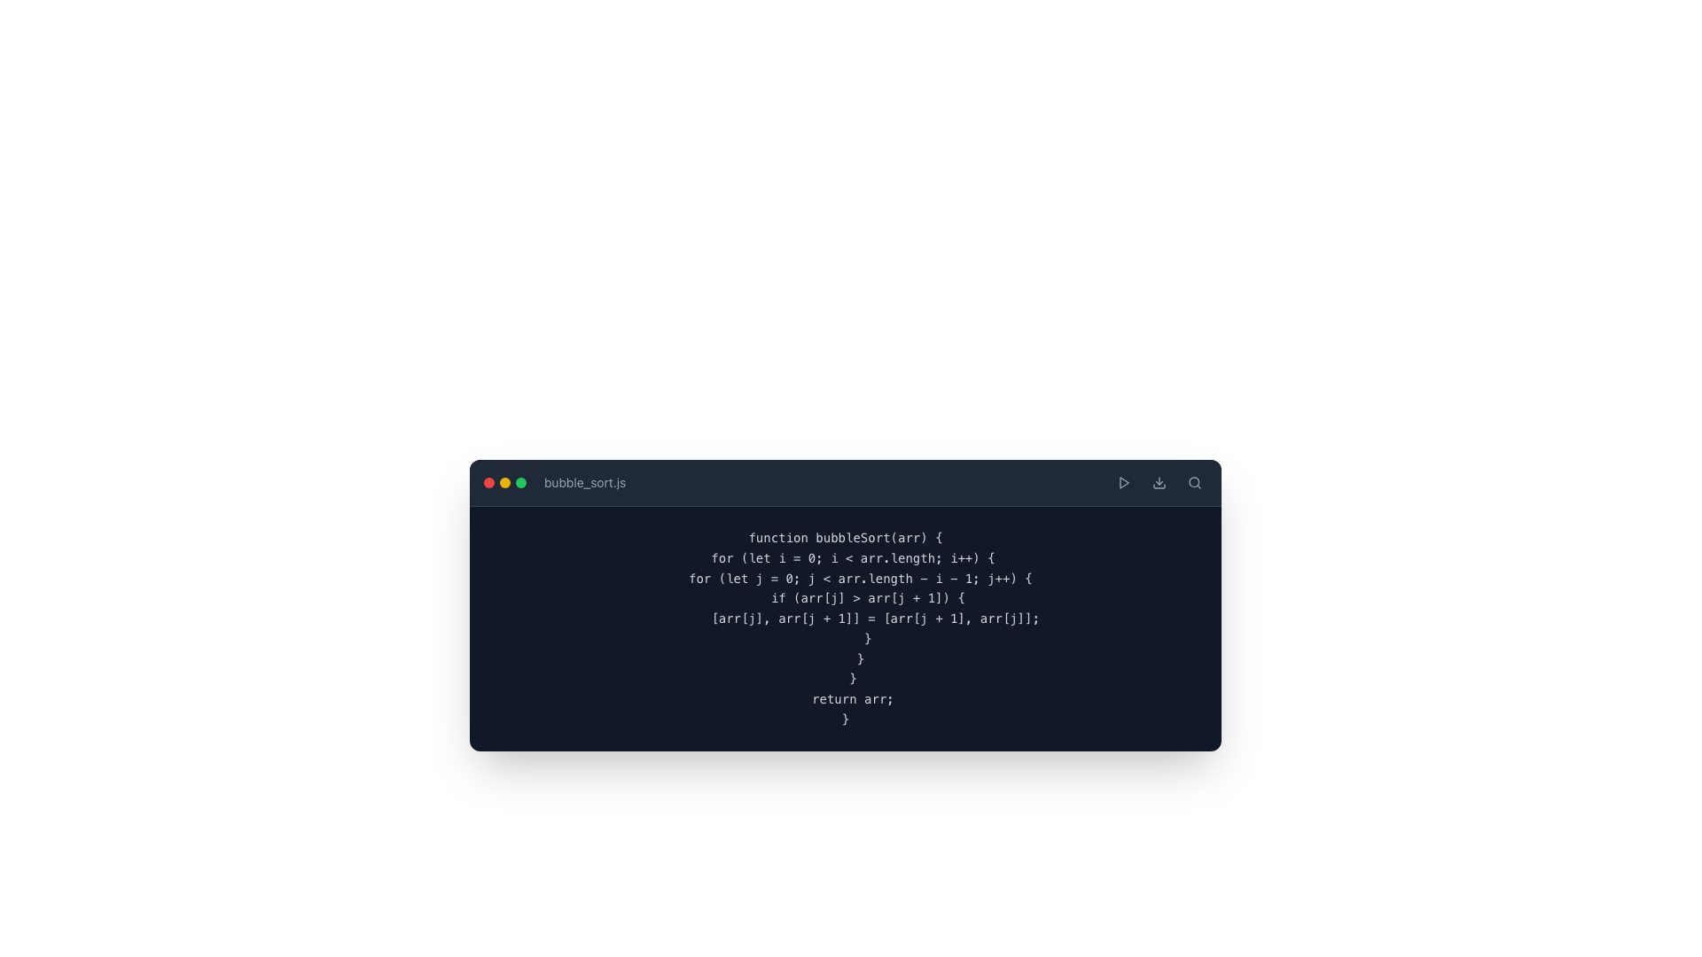  What do you see at coordinates (1159, 482) in the screenshot?
I see `the middle interactive download icon, which is a round gray icon with a download arrow, to initiate the download` at bounding box center [1159, 482].